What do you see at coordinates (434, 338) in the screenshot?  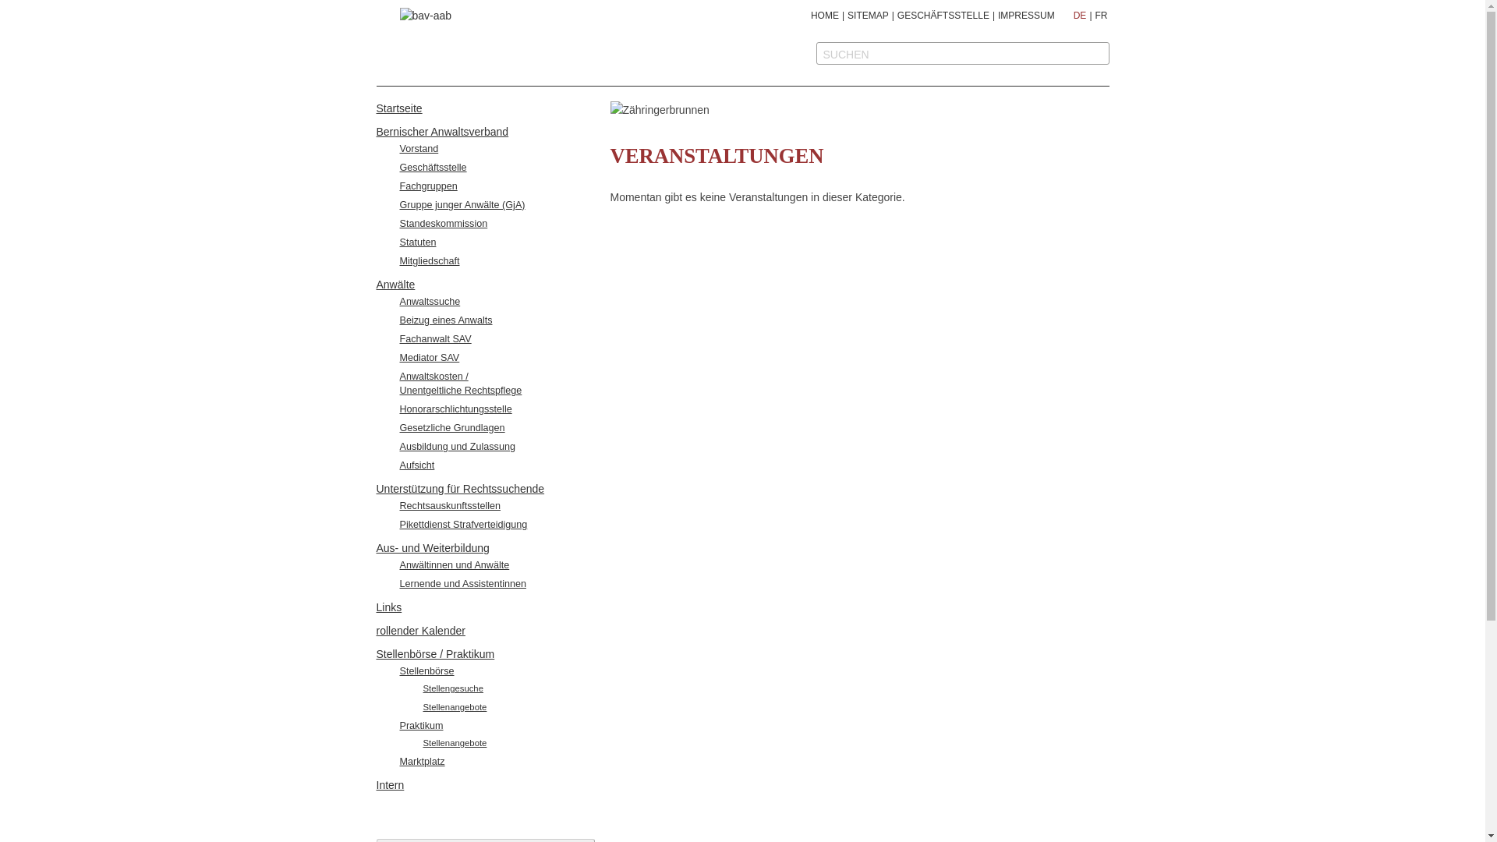 I see `'Fachanwalt SAV'` at bounding box center [434, 338].